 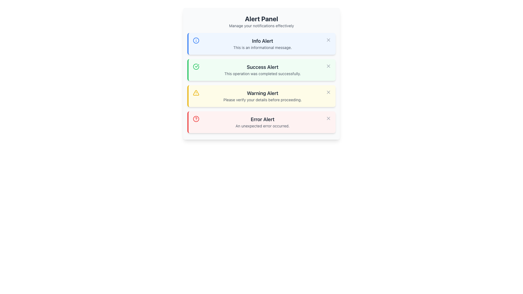 What do you see at coordinates (328, 66) in the screenshot?
I see `the close icon (small 'X') located at the top-right corner of the green 'Success Alert' box` at bounding box center [328, 66].